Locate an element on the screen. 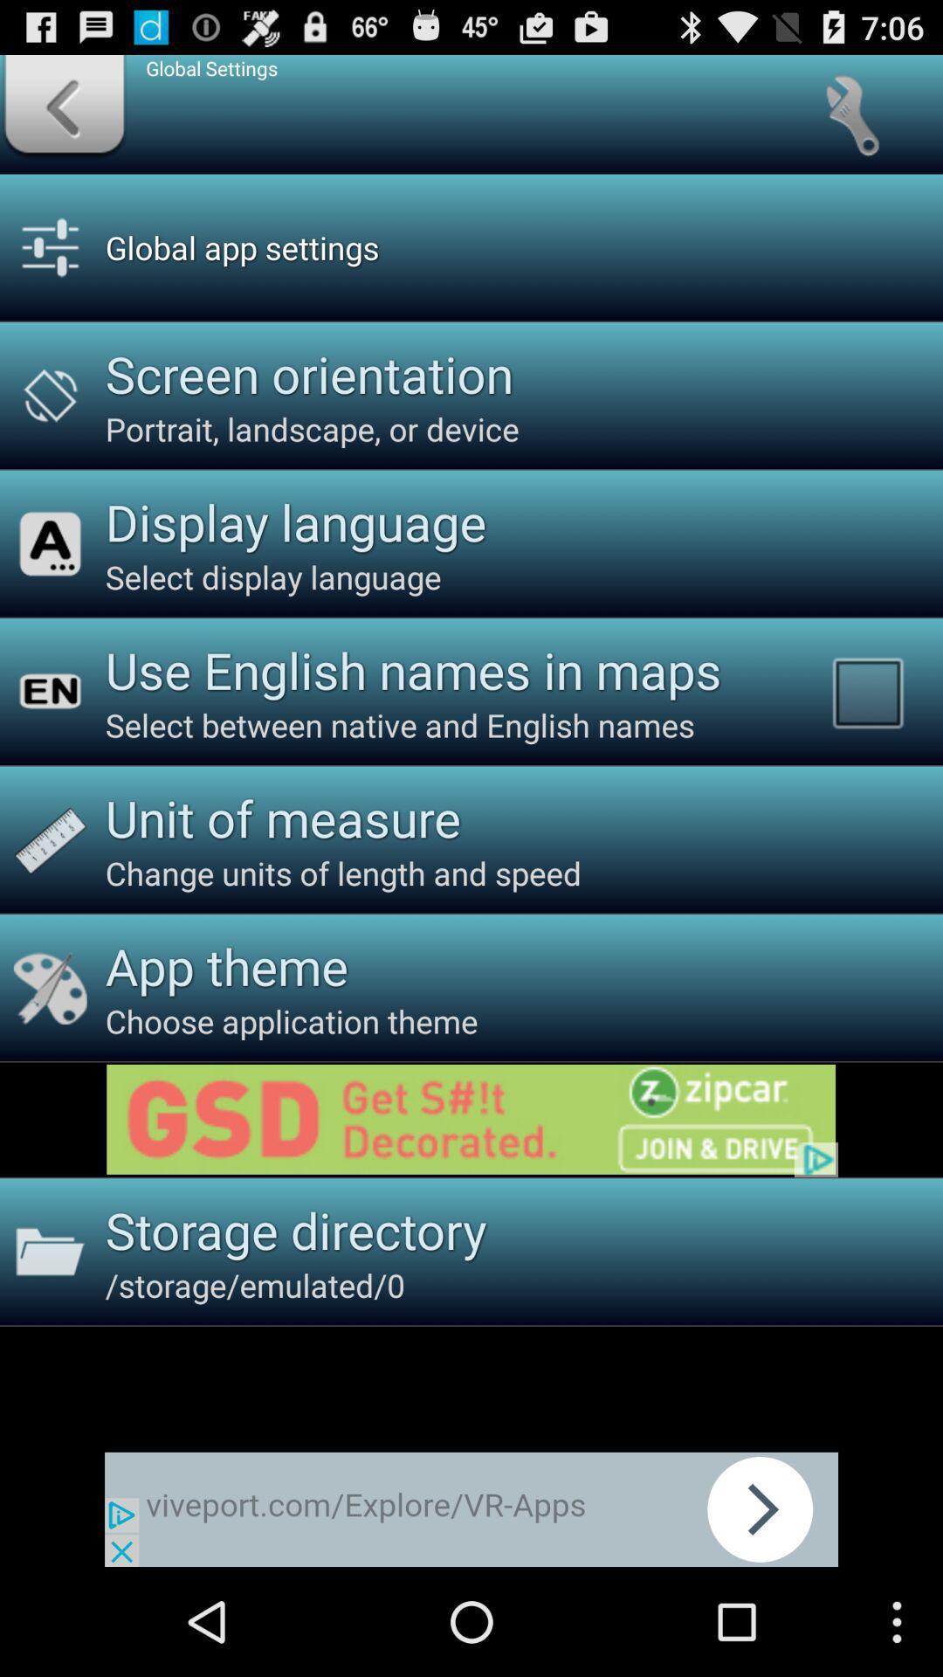 This screenshot has height=1677, width=943. link to advertisement is located at coordinates (471, 1120).